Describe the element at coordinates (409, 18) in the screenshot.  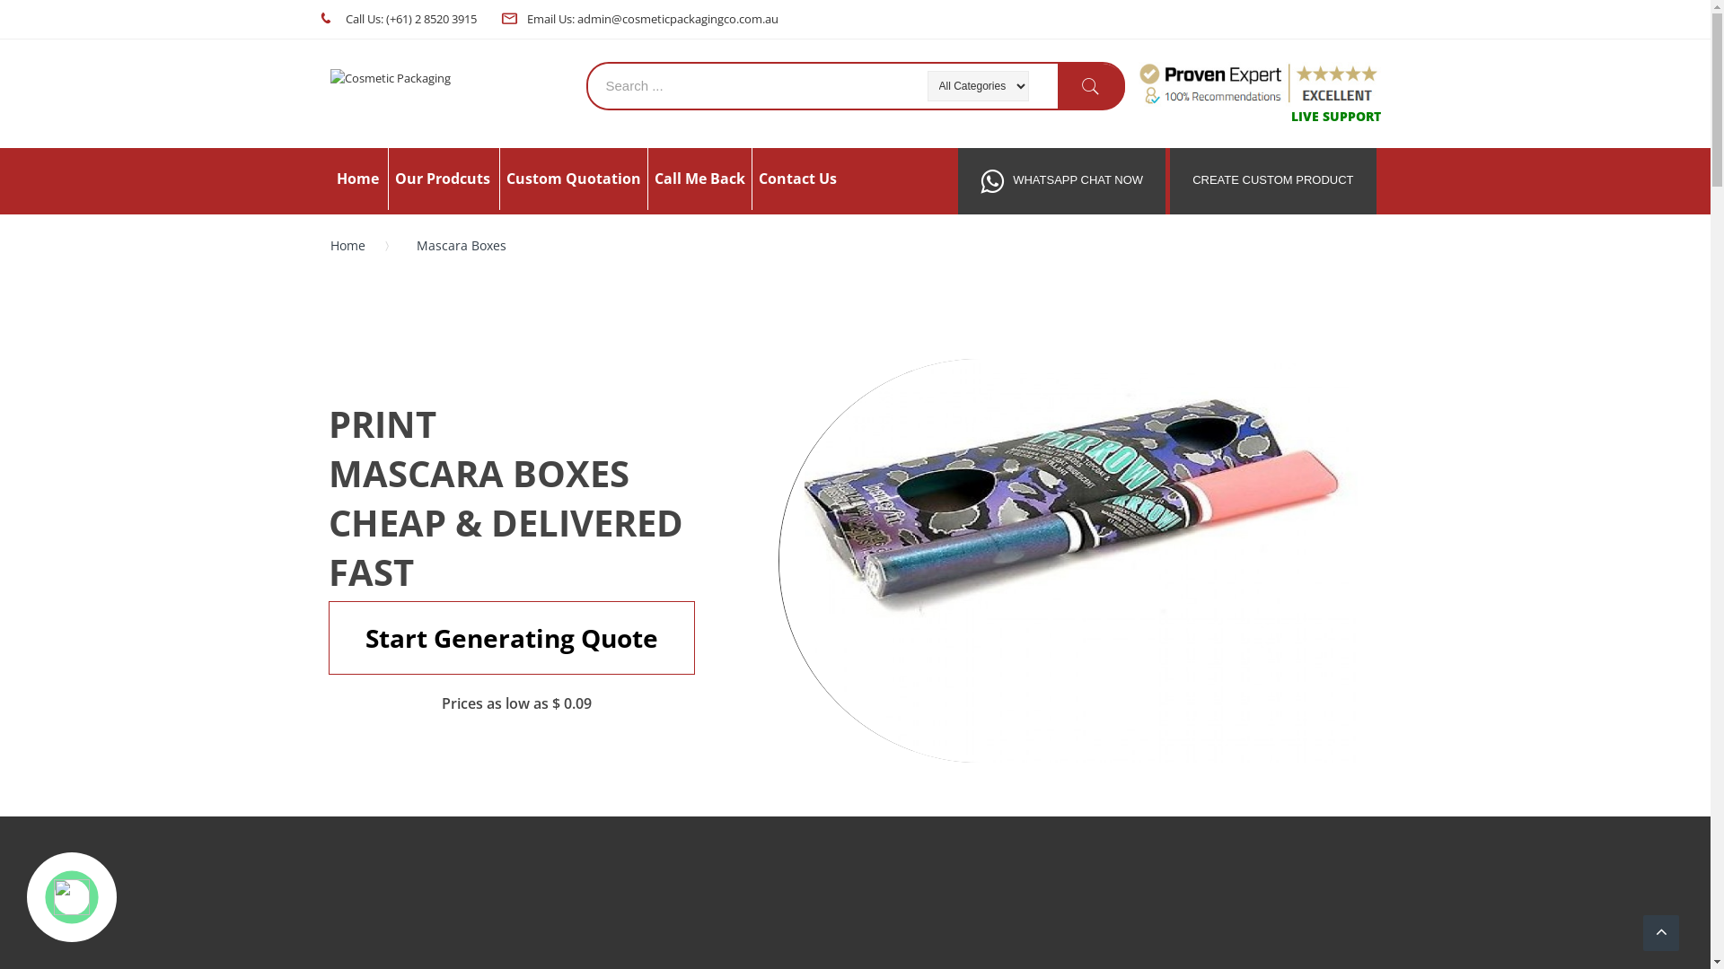
I see `'Call Us: (+61) 2 8520 3915'` at that location.